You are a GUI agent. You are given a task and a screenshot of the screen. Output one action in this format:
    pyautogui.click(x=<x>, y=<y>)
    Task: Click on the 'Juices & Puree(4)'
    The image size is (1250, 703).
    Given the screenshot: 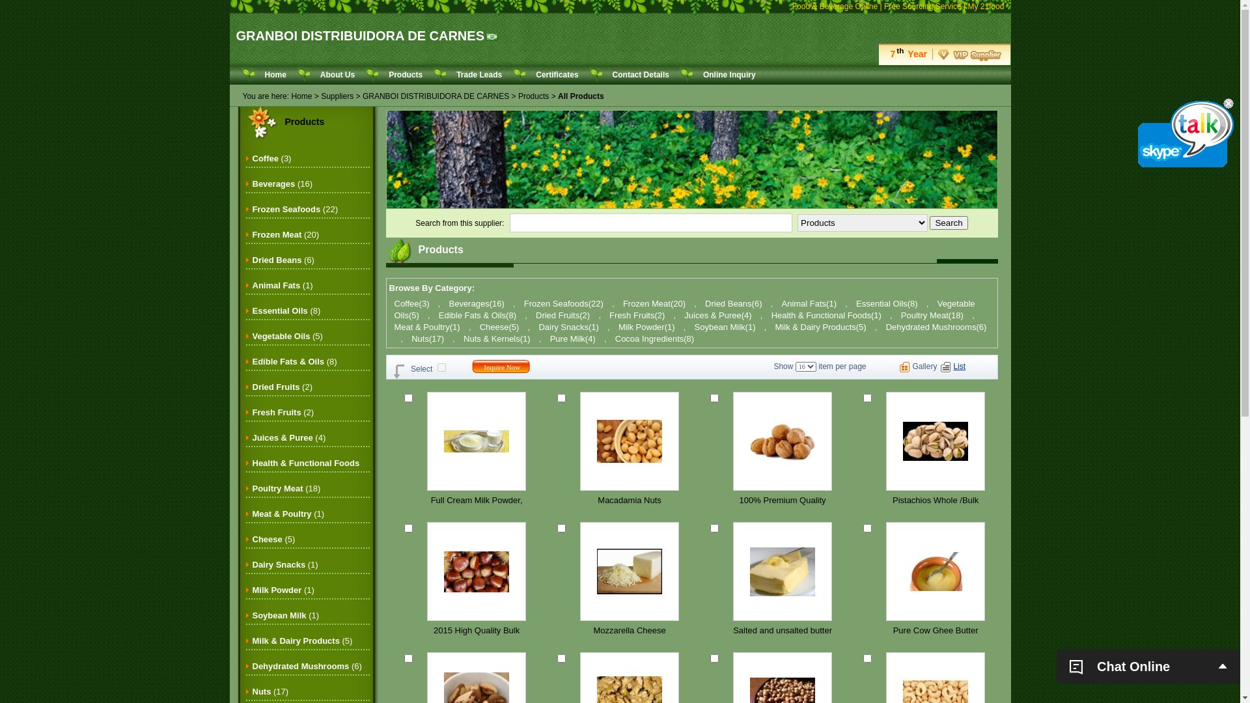 What is the action you would take?
    pyautogui.click(x=684, y=315)
    